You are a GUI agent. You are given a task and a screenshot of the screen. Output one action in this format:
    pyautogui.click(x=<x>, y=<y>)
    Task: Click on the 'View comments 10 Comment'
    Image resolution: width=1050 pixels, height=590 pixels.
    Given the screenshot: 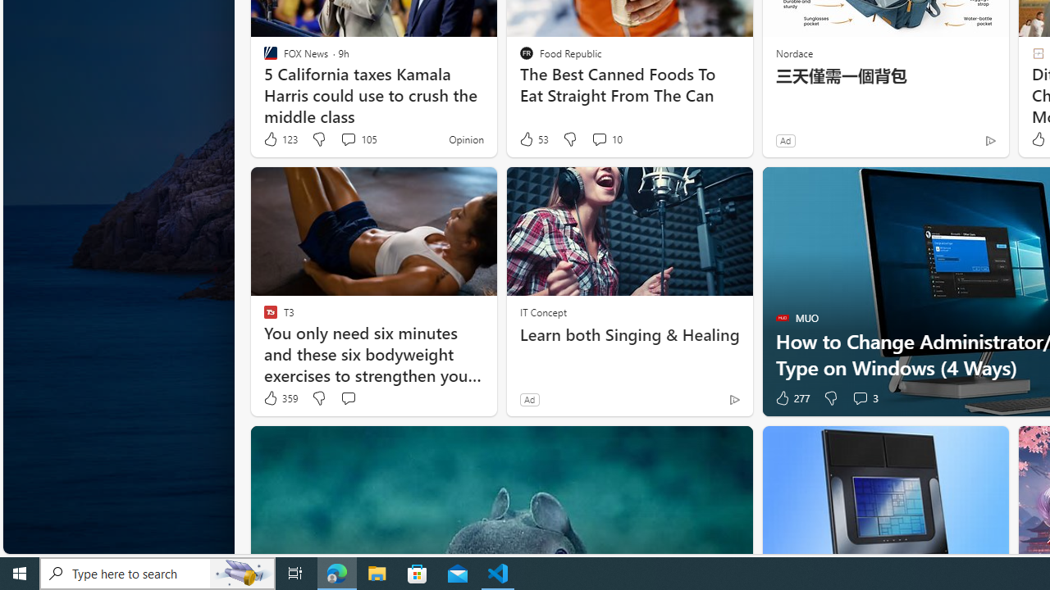 What is the action you would take?
    pyautogui.click(x=598, y=138)
    